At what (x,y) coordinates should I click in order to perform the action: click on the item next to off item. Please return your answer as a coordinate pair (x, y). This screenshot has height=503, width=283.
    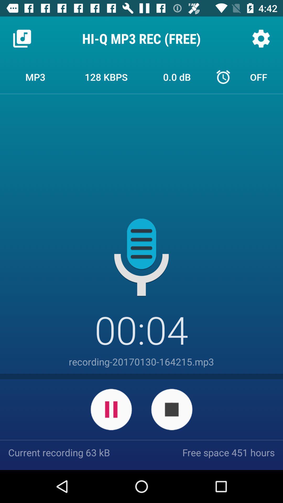
    Looking at the image, I should click on (177, 76).